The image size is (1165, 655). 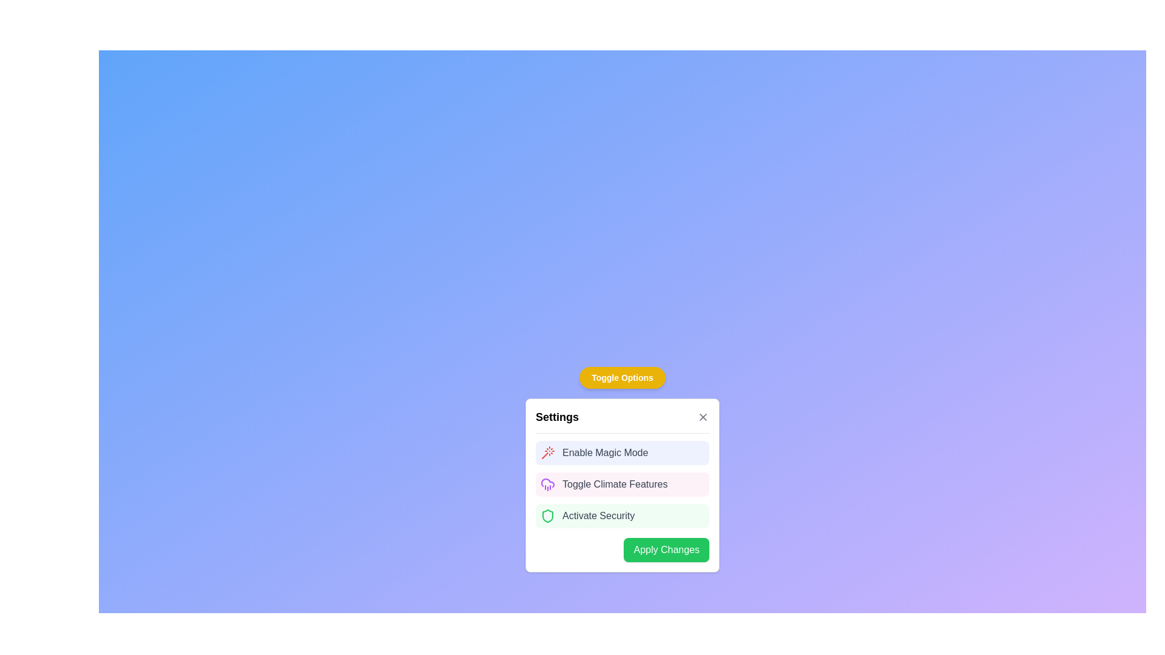 I want to click on the 'Apply Changes' button located at the bottom-right corner of the 'Settings' modal, so click(x=623, y=549).